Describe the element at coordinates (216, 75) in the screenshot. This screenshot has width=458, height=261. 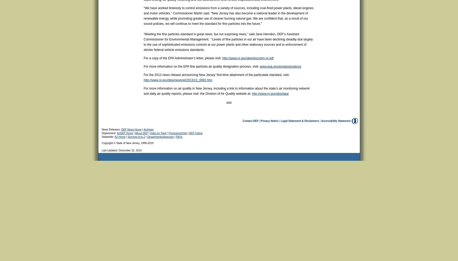
I see `'For the 2013 news release  announcing New Jersey’ first-time attainment of the particulate standard,  visit:'` at that location.